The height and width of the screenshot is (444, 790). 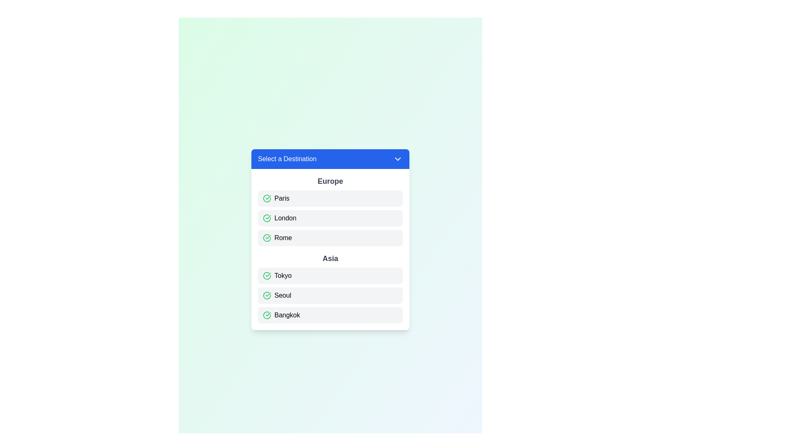 What do you see at coordinates (287, 315) in the screenshot?
I see `the text label displaying 'Bangkok', which is positioned to the right of a green checkmark icon and below the text 'Seoul' within the dropdown menu titled 'Select a Destination'` at bounding box center [287, 315].